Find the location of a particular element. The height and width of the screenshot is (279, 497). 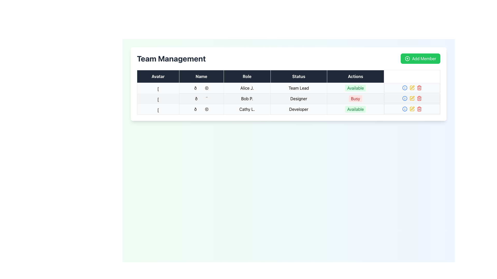

the circular icon in the 'Actions' column of the 'Team Management' table, which indicates 'information' or 'help' for user 'Bob P.' is located at coordinates (405, 98).